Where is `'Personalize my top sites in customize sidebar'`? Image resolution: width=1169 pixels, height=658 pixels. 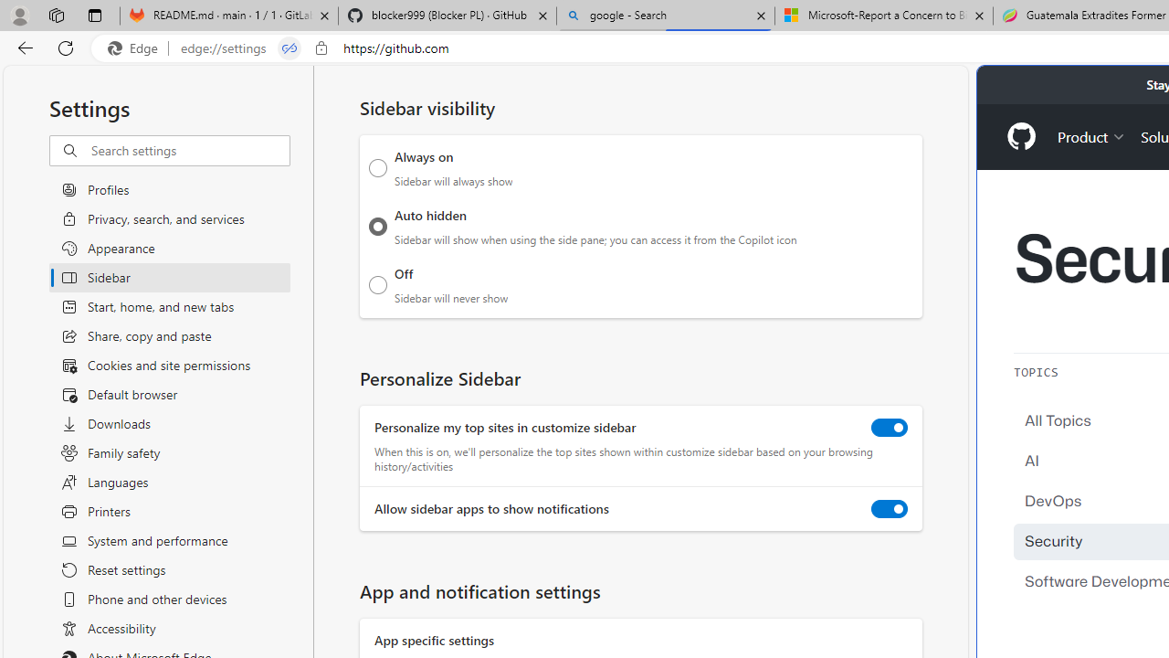
'Personalize my top sites in customize sidebar' is located at coordinates (890, 428).